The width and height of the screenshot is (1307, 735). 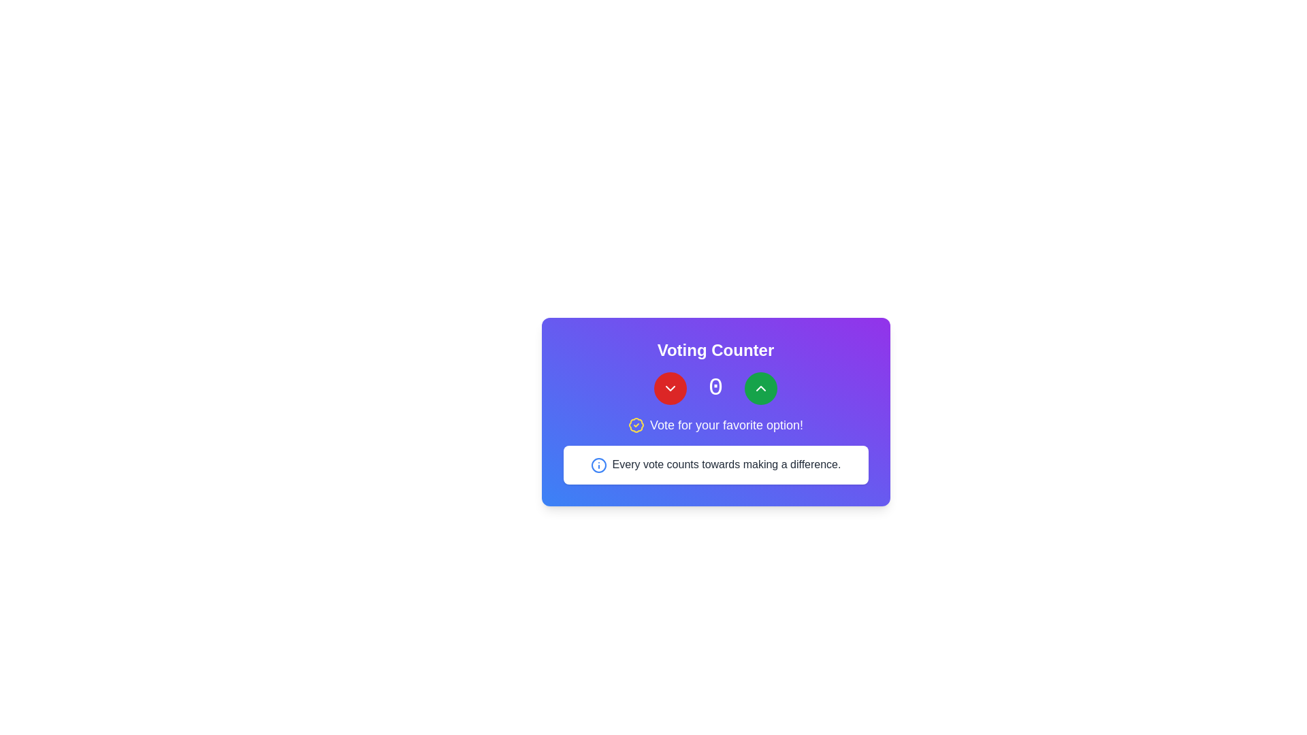 What do you see at coordinates (670, 388) in the screenshot?
I see `the leftmost button that serves as a decrement action for a counter` at bounding box center [670, 388].